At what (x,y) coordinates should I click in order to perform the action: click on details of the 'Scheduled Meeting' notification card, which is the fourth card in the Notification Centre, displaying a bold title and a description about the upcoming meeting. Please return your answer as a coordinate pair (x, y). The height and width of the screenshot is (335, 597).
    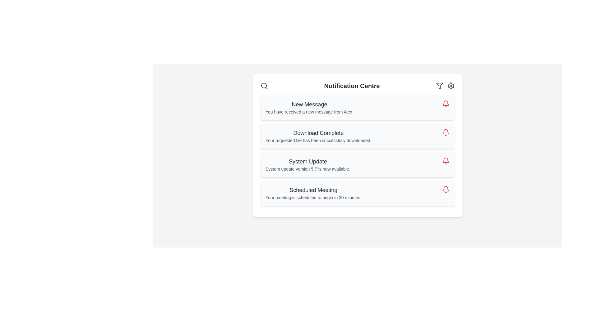
    Looking at the image, I should click on (358, 193).